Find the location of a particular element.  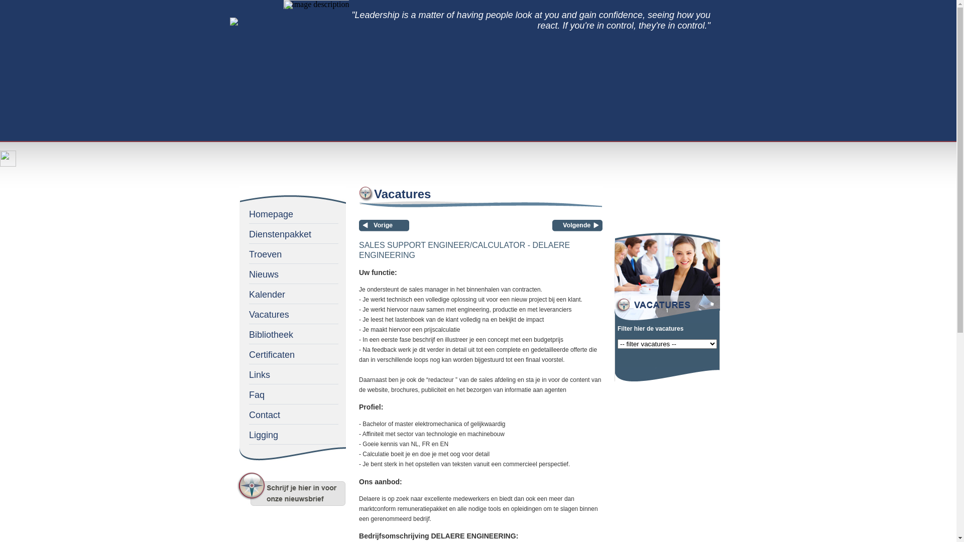

'Faq' is located at coordinates (292, 392).